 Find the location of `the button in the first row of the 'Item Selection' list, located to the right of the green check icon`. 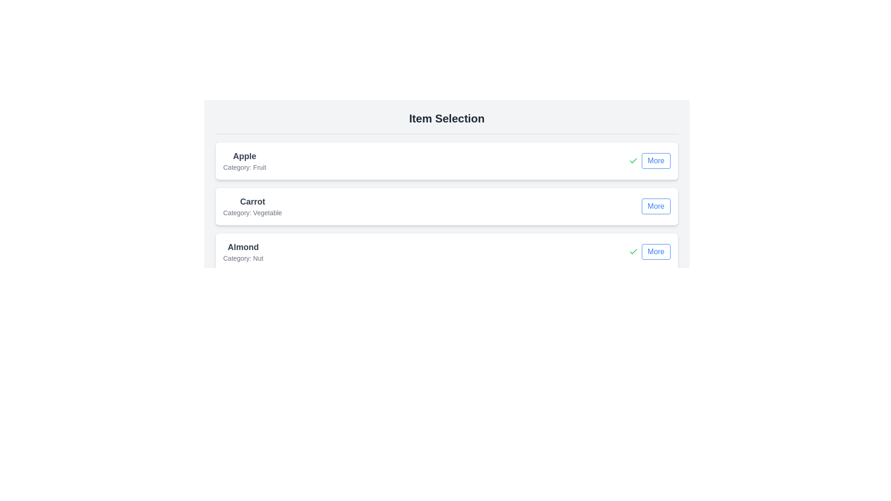

the button in the first row of the 'Item Selection' list, located to the right of the green check icon is located at coordinates (655, 161).